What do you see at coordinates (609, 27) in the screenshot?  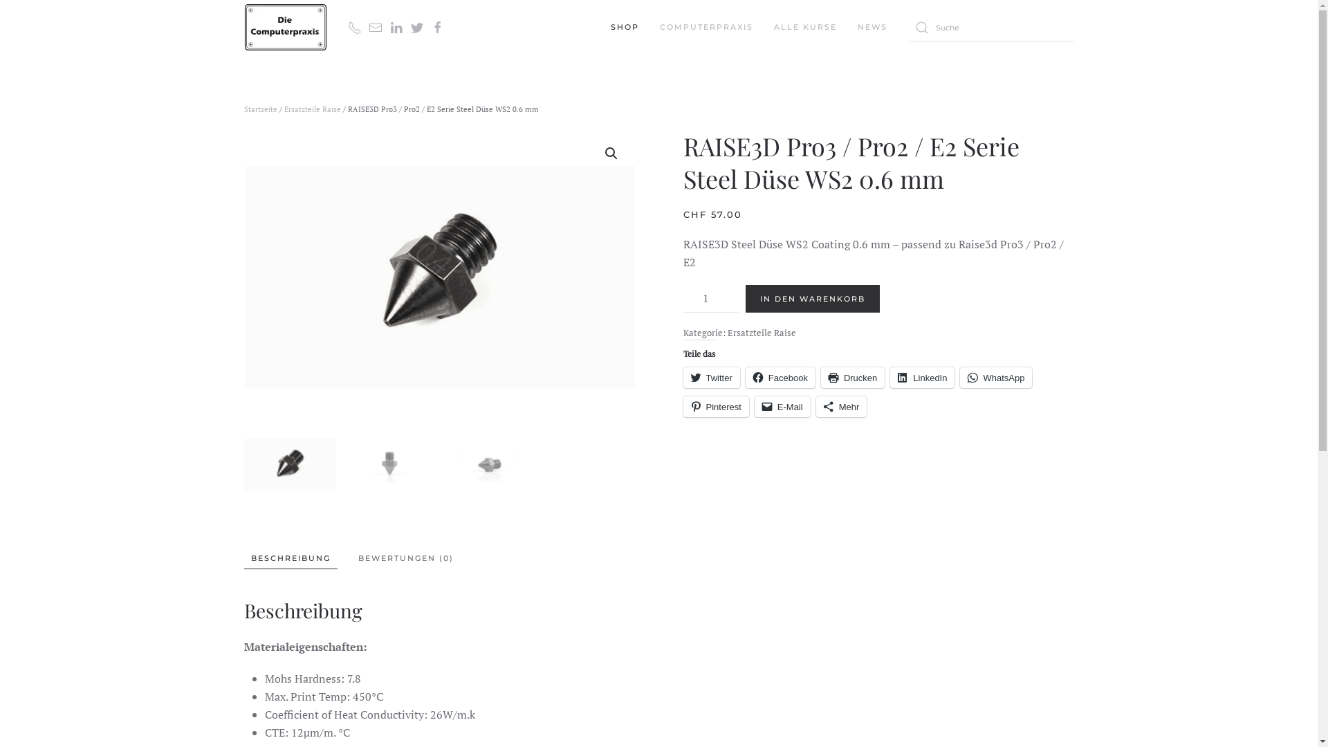 I see `'SHOP'` at bounding box center [609, 27].